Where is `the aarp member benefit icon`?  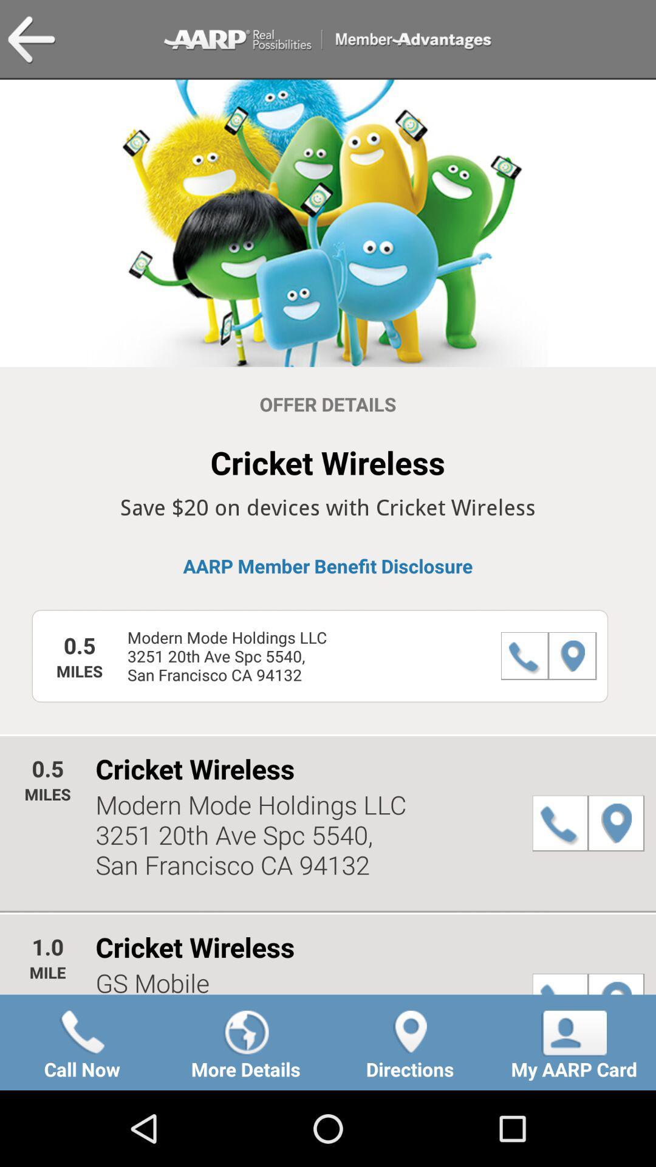 the aarp member benefit icon is located at coordinates (328, 565).